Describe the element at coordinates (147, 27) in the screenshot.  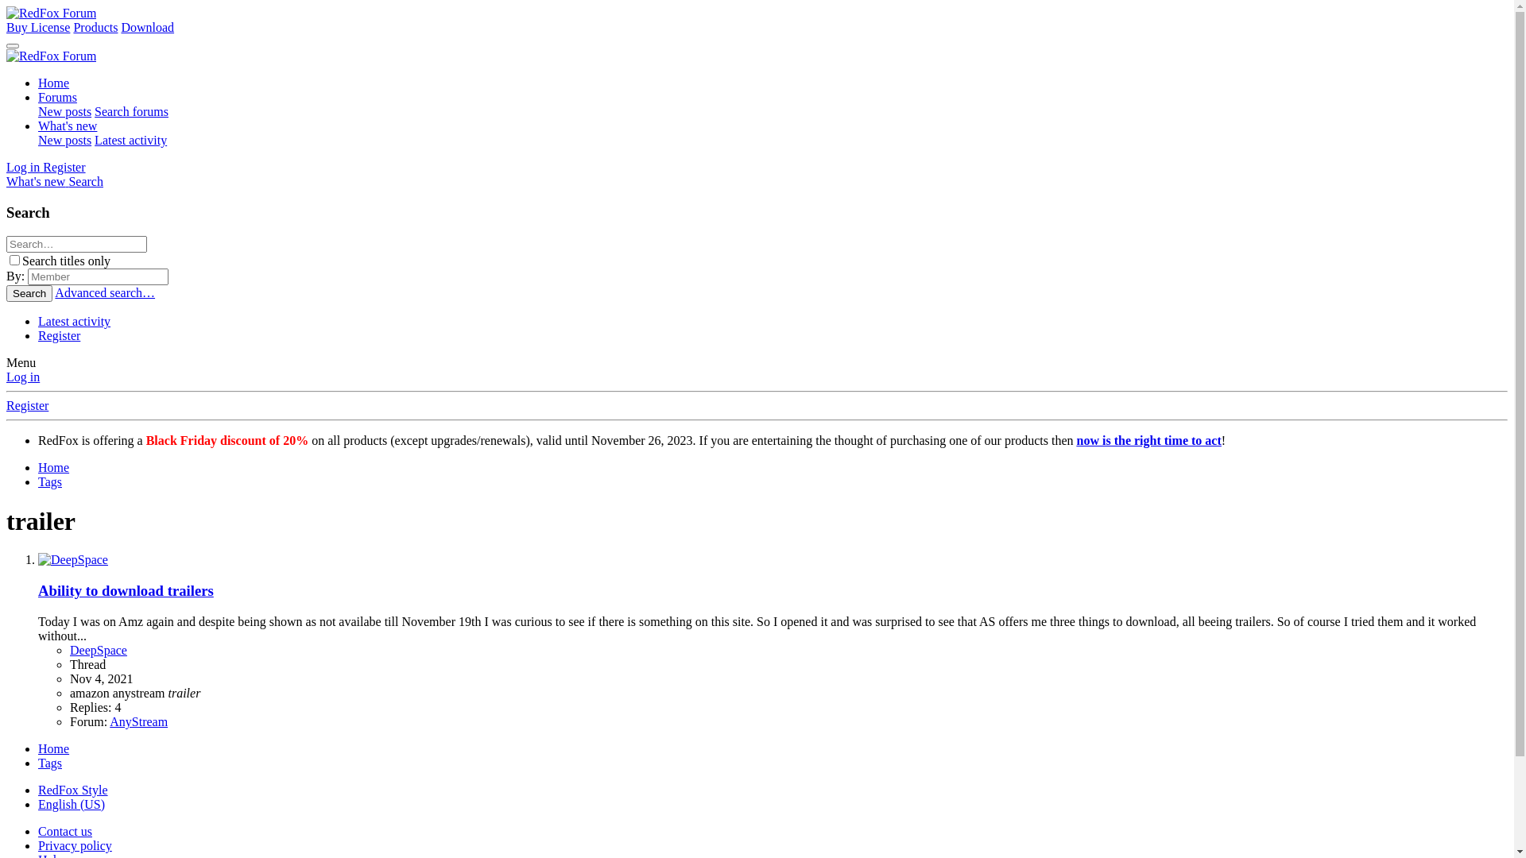
I see `'Download'` at that location.